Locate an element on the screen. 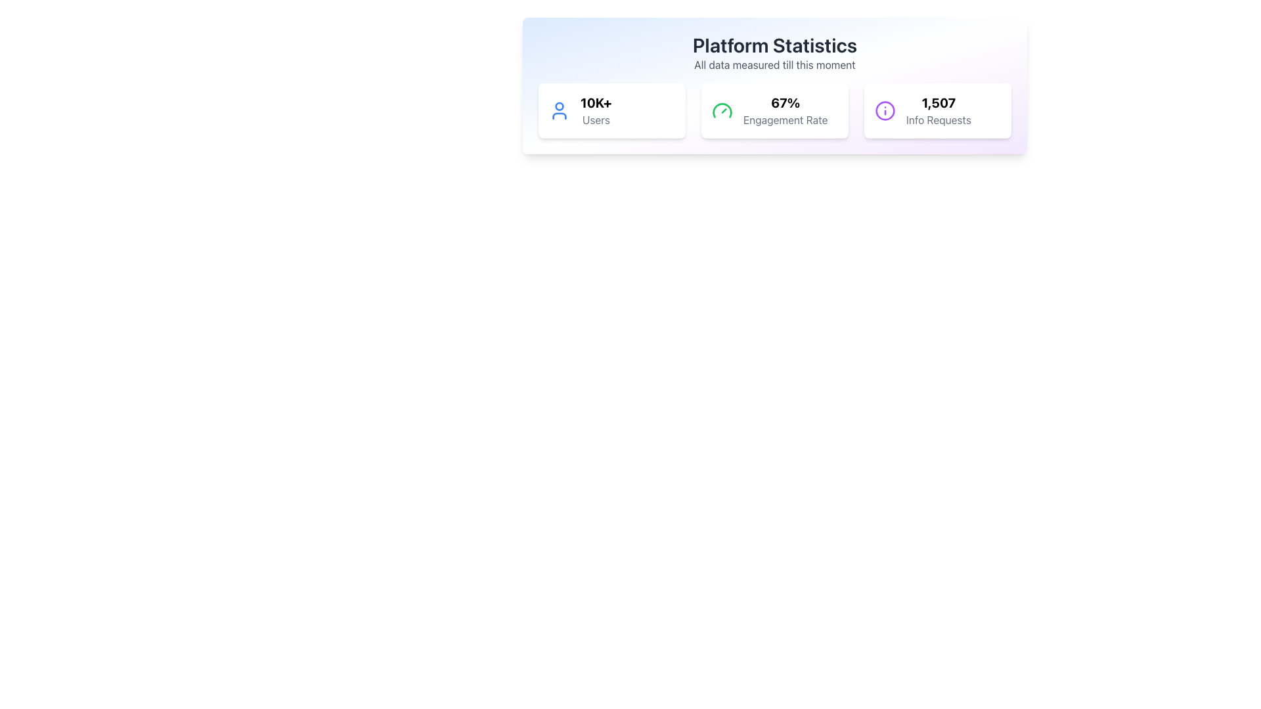 This screenshot has height=709, width=1261. the 'Users' label, which is a muted gray textual label styled in a simple sans-serif font, located beneath the bold number '10K+' in a white card at the top-left section of the statistics panel is located at coordinates (595, 119).